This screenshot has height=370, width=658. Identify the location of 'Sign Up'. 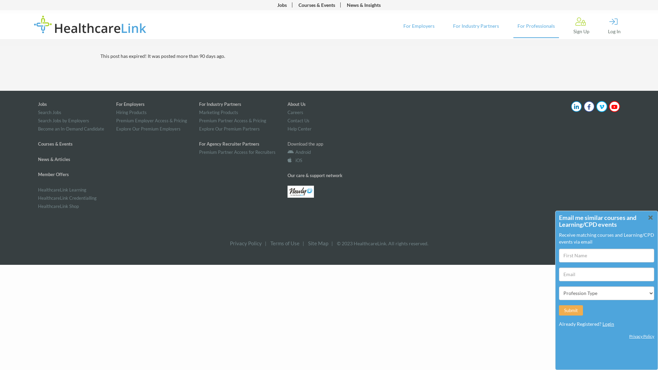
(581, 26).